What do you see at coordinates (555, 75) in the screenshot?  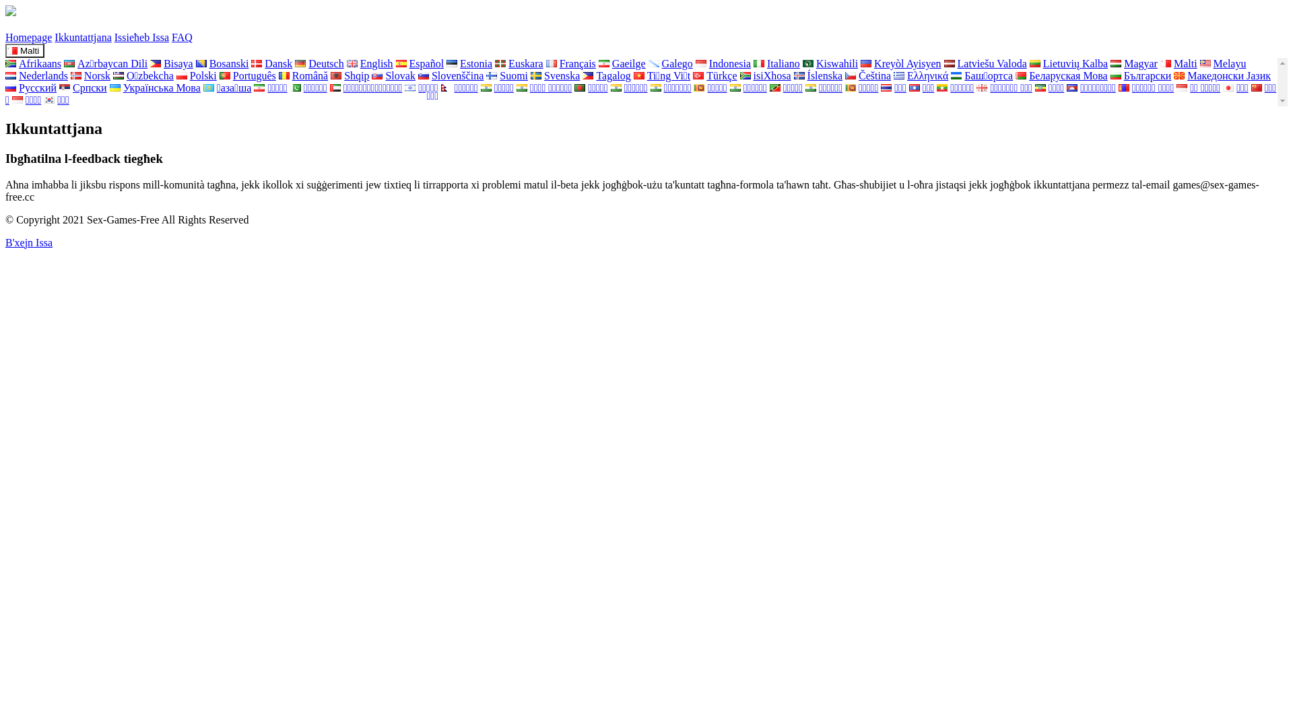 I see `'Svenska'` at bounding box center [555, 75].